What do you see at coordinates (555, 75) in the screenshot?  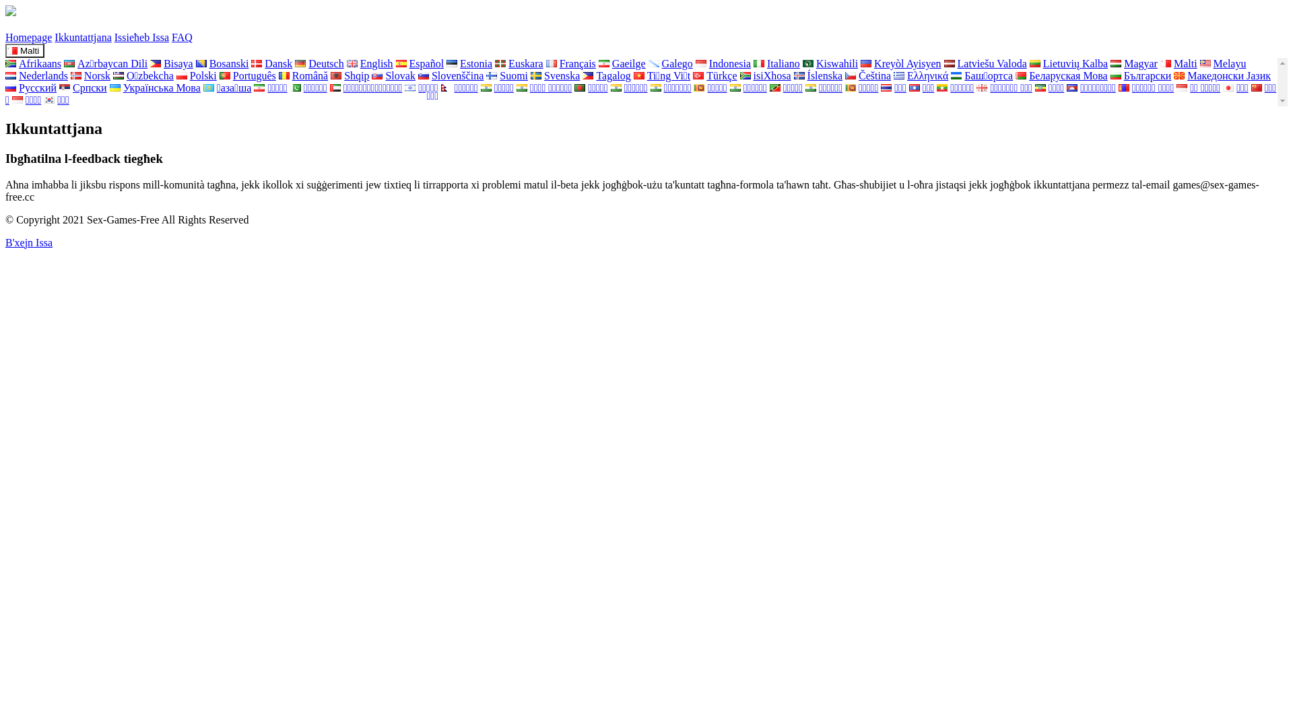 I see `'Svenska'` at bounding box center [555, 75].